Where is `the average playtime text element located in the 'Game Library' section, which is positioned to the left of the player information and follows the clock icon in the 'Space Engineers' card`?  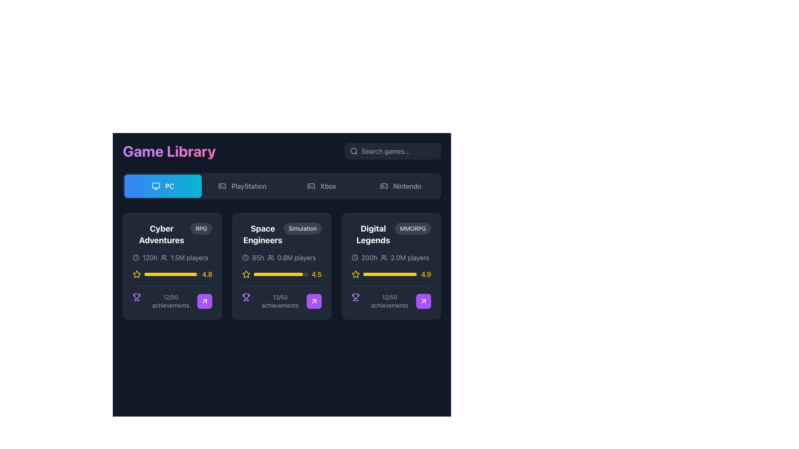
the average playtime text element located in the 'Game Library' section, which is positioned to the left of the player information and follows the clock icon in the 'Space Engineers' card is located at coordinates (258, 257).